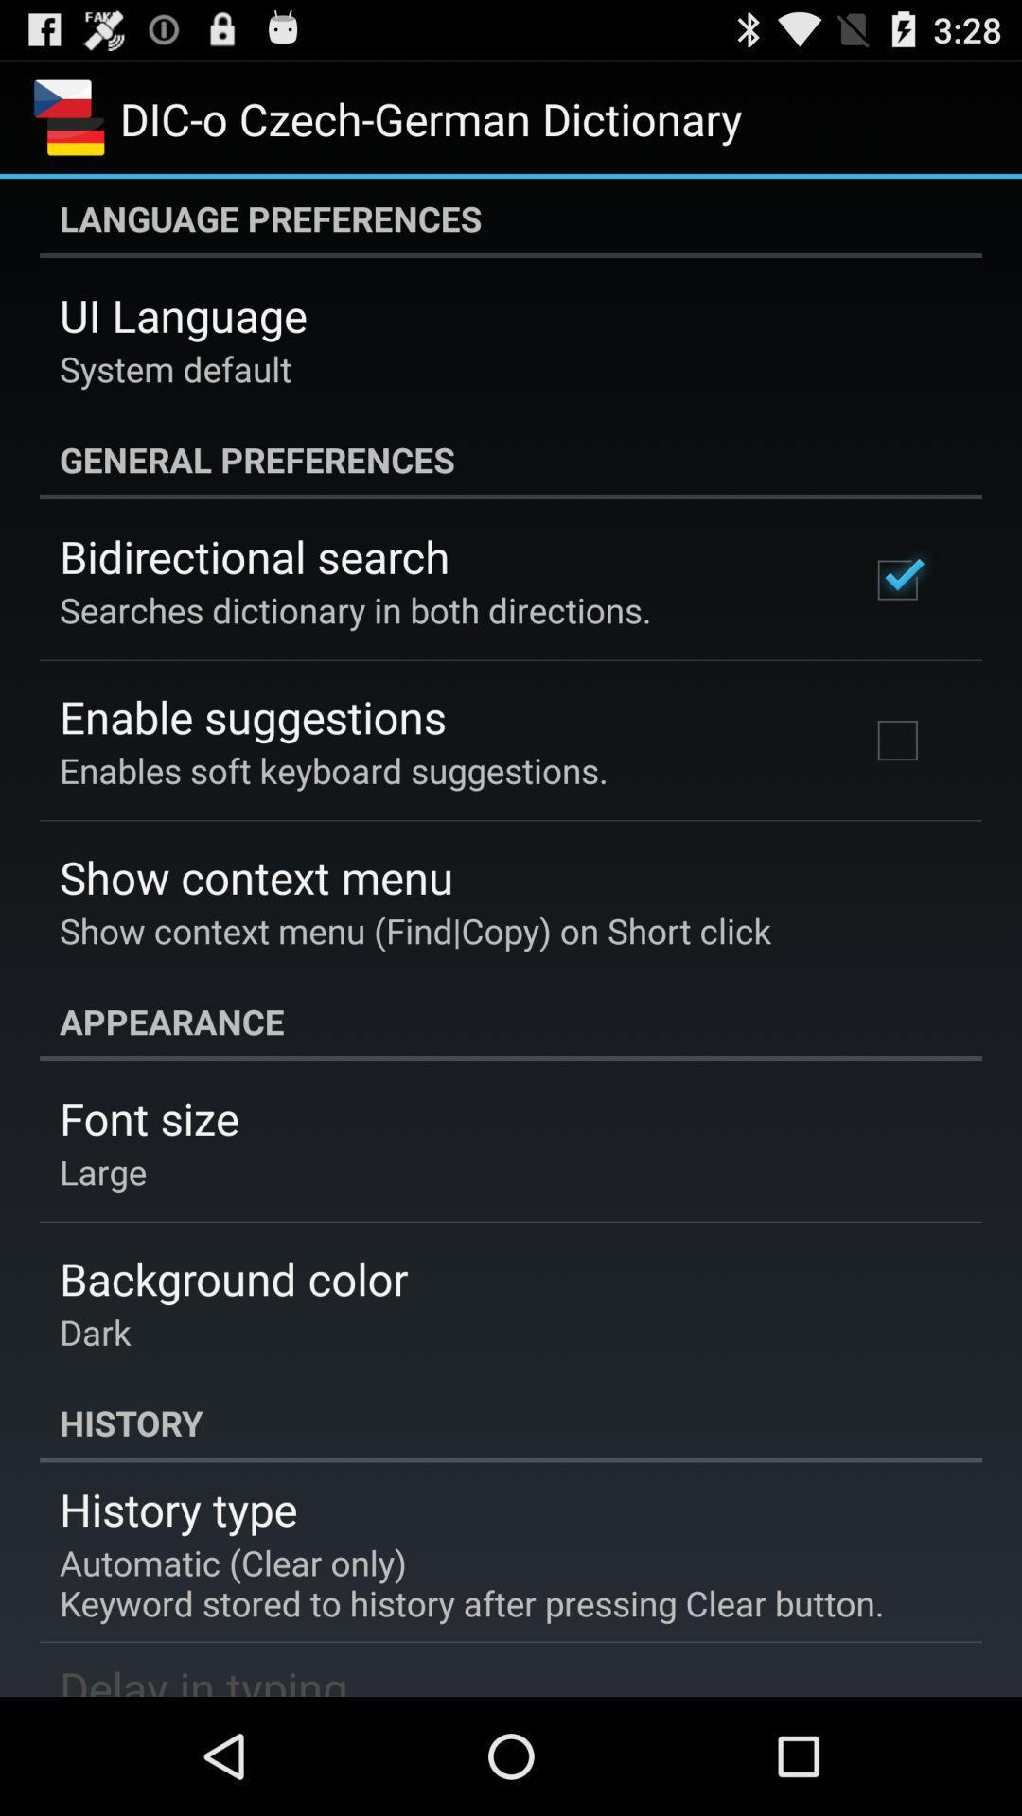 The width and height of the screenshot is (1022, 1816). What do you see at coordinates (254, 555) in the screenshot?
I see `bidirectional search app` at bounding box center [254, 555].